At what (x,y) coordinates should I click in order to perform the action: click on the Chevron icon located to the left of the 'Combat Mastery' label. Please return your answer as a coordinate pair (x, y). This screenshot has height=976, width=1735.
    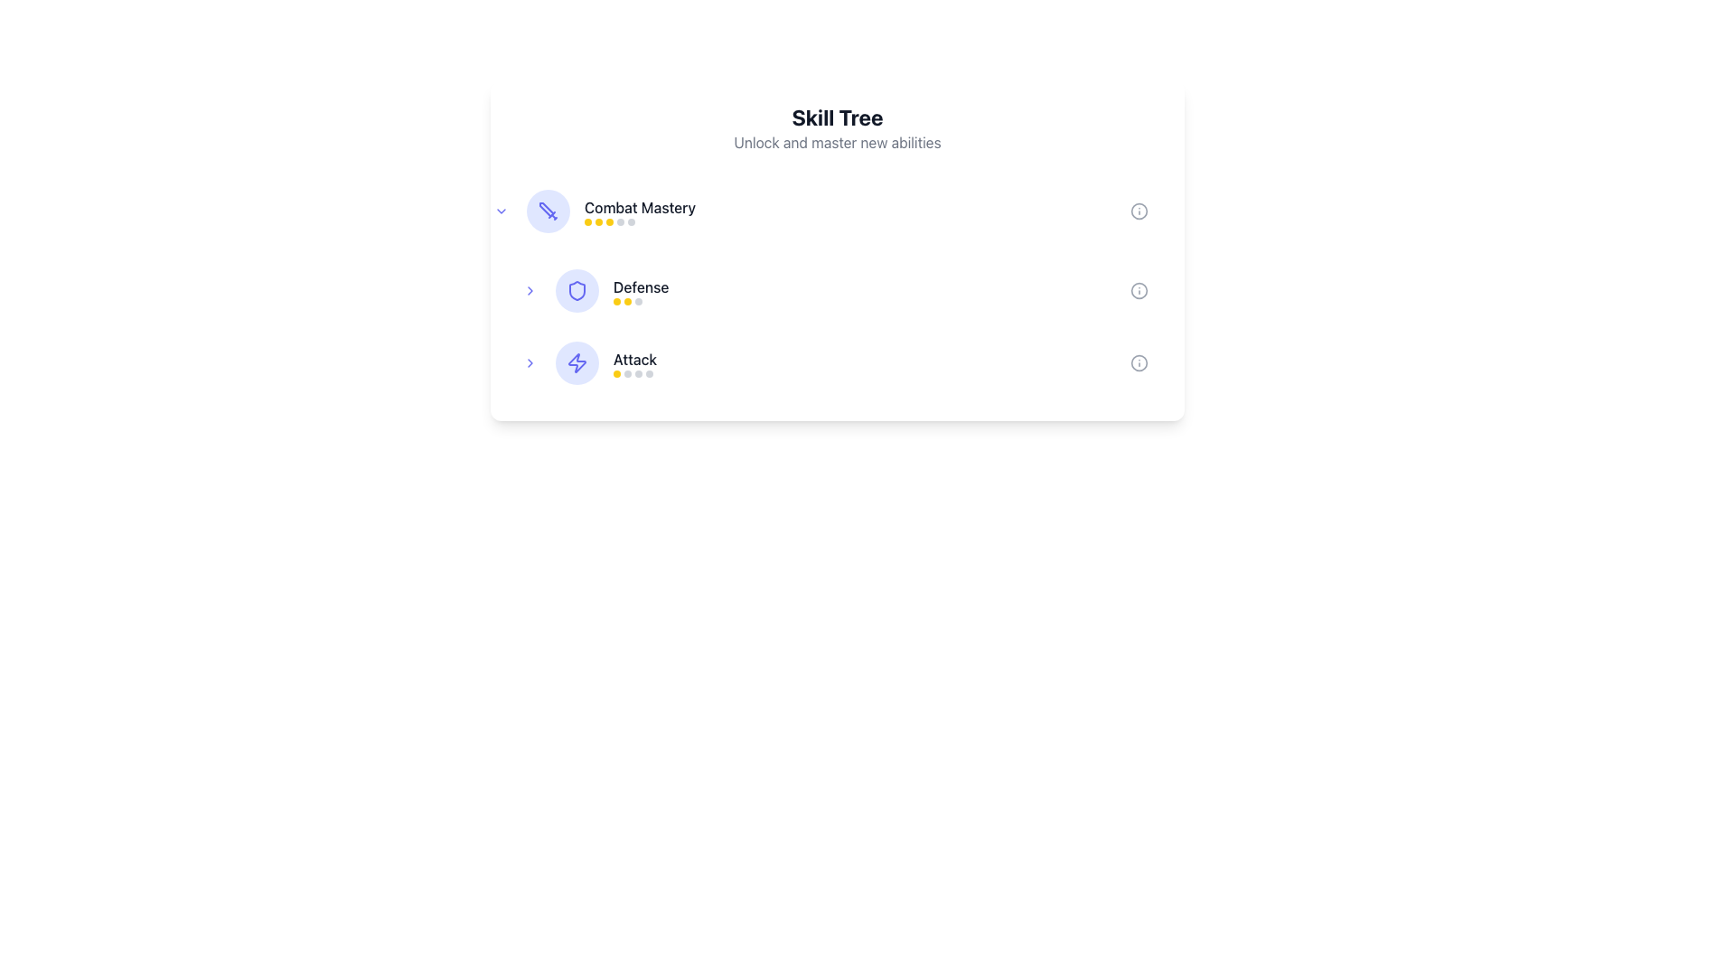
    Looking at the image, I should click on (502, 211).